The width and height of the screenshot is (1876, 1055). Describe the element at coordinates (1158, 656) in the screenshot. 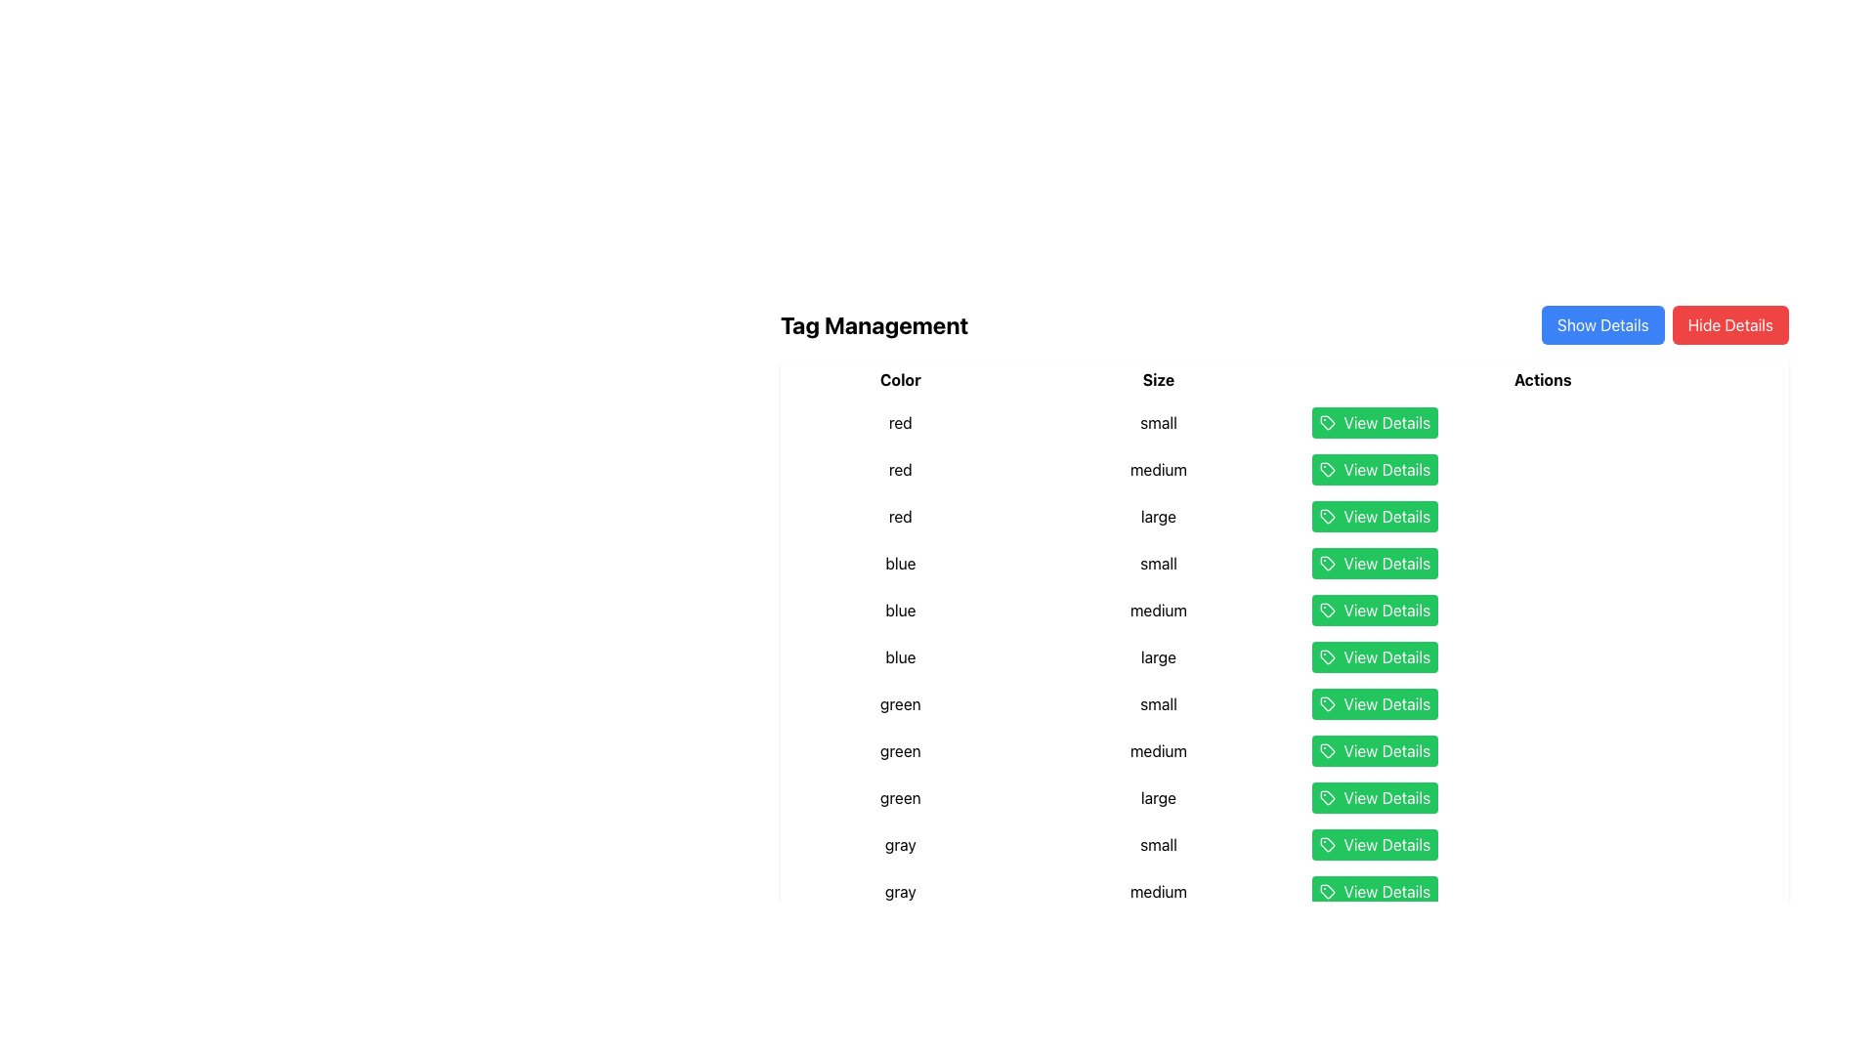

I see `the text element displaying 'large' in black, located under the 'Size' column in the second row of the table` at that location.